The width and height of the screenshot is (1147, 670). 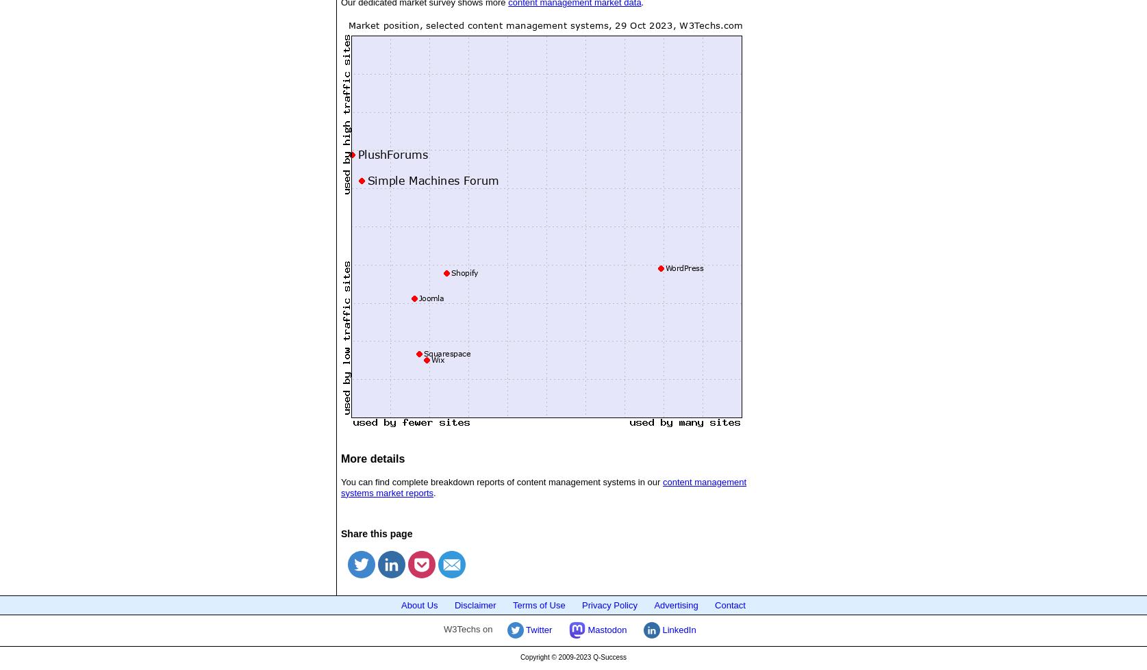 What do you see at coordinates (539, 604) in the screenshot?
I see `'Terms of Use'` at bounding box center [539, 604].